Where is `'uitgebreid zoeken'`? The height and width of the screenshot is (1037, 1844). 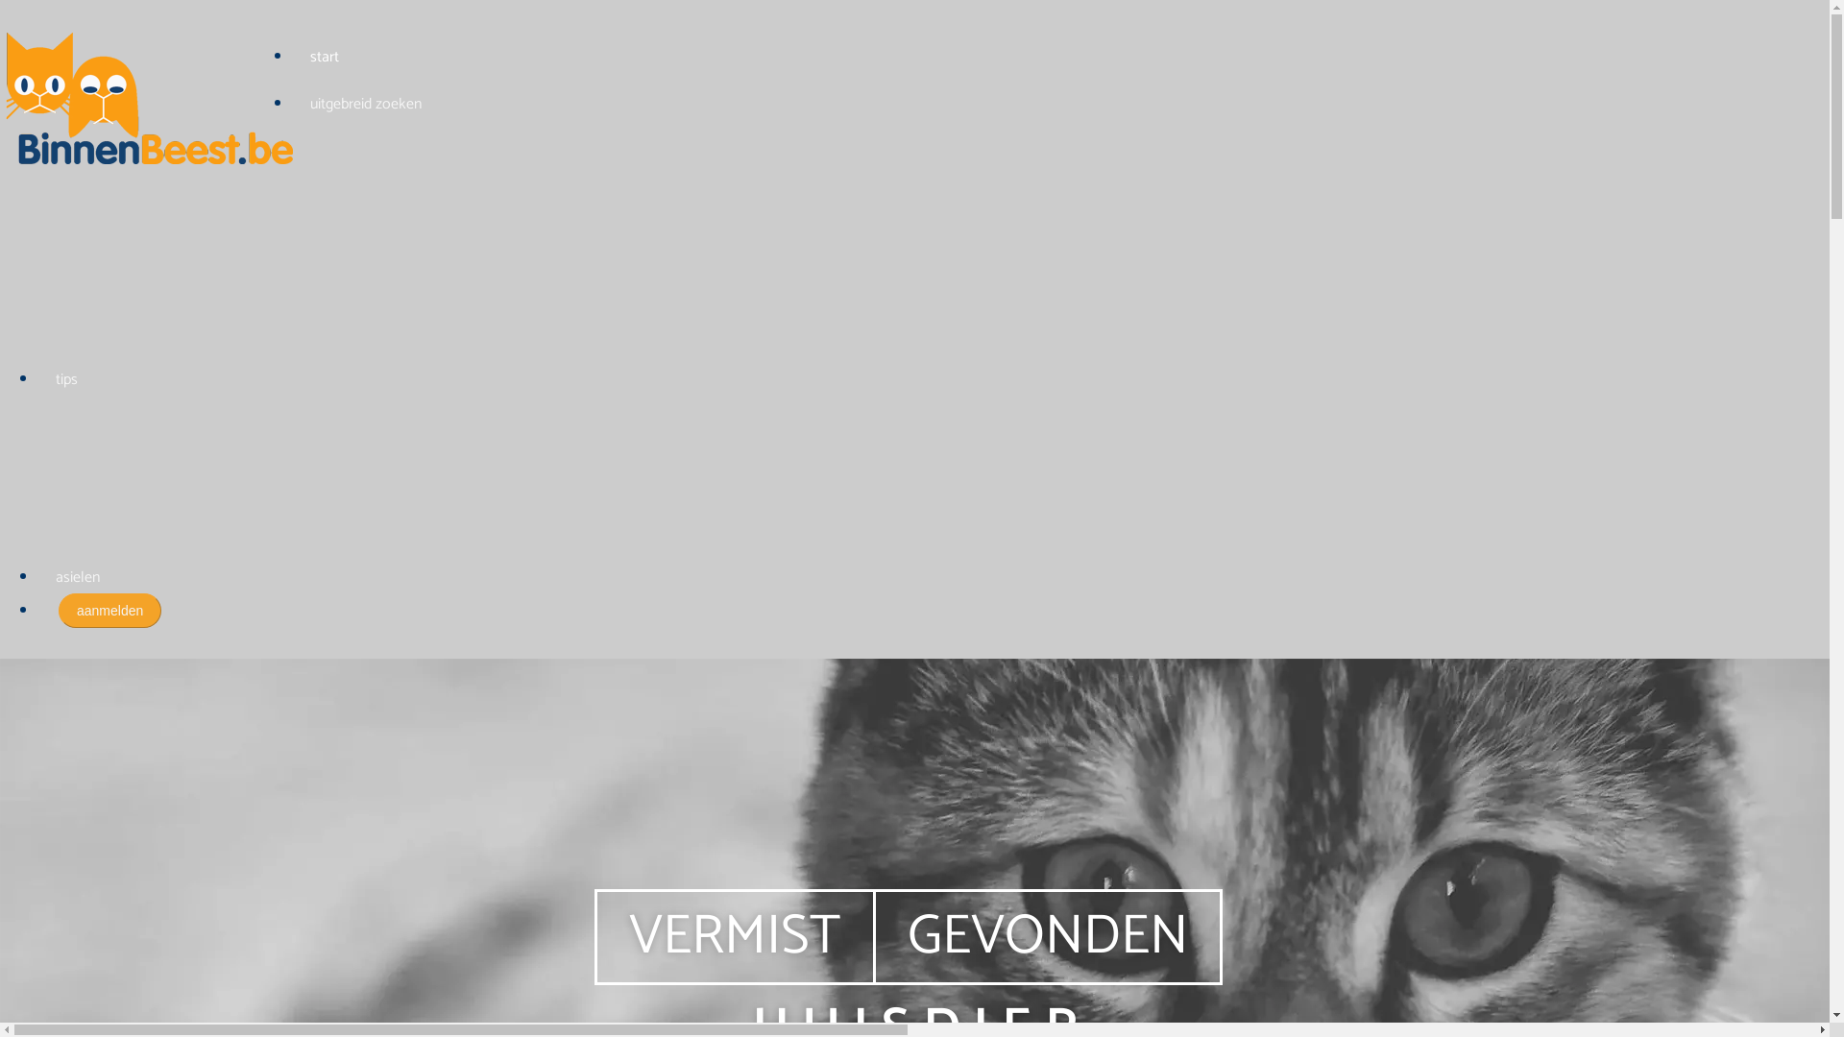
'uitgebreid zoeken' is located at coordinates (365, 104).